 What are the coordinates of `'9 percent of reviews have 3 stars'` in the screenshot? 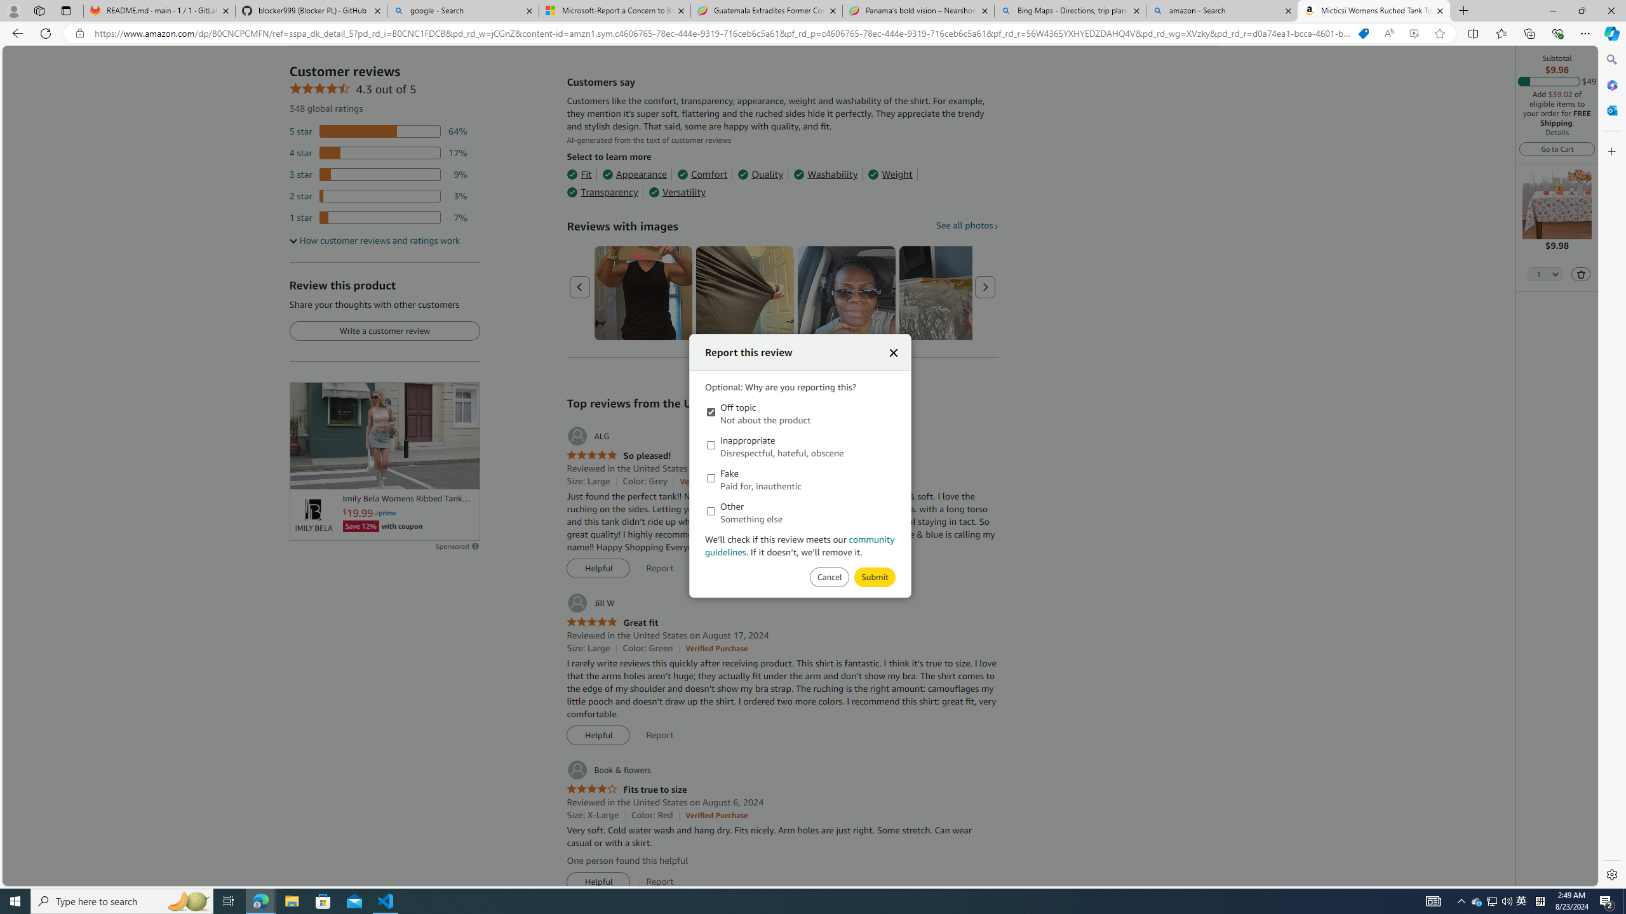 It's located at (378, 175).